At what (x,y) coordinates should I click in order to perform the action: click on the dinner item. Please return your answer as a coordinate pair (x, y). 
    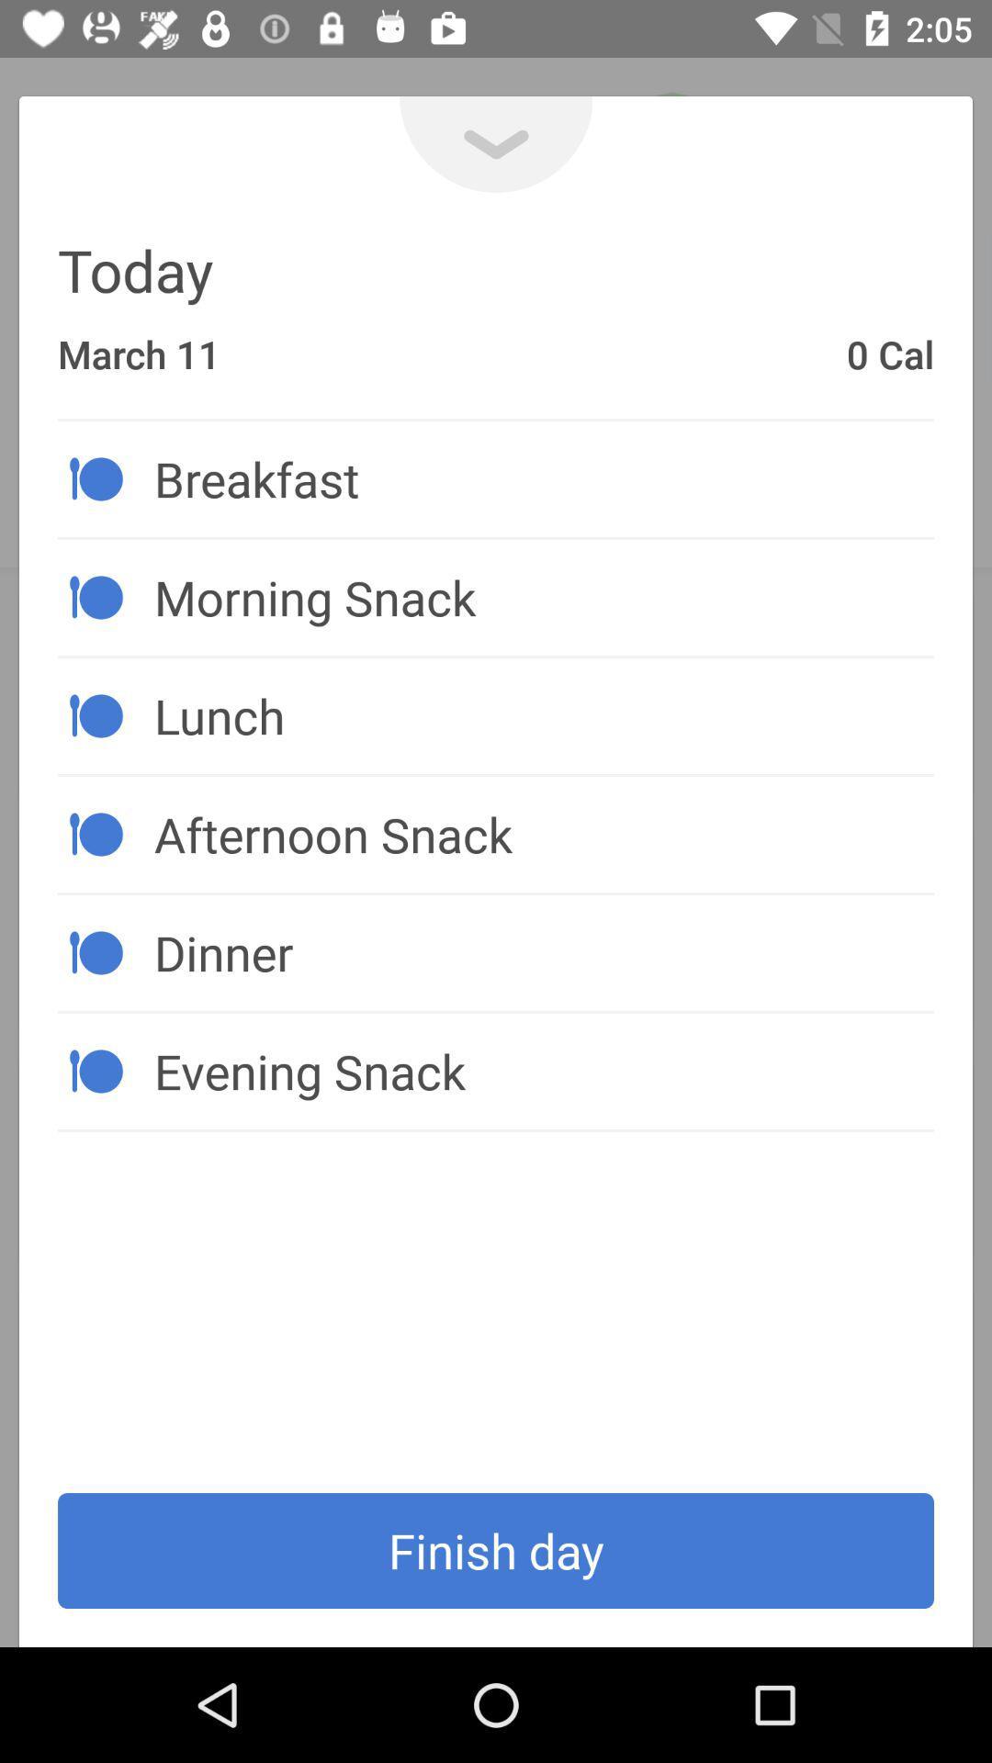
    Looking at the image, I should click on (543, 952).